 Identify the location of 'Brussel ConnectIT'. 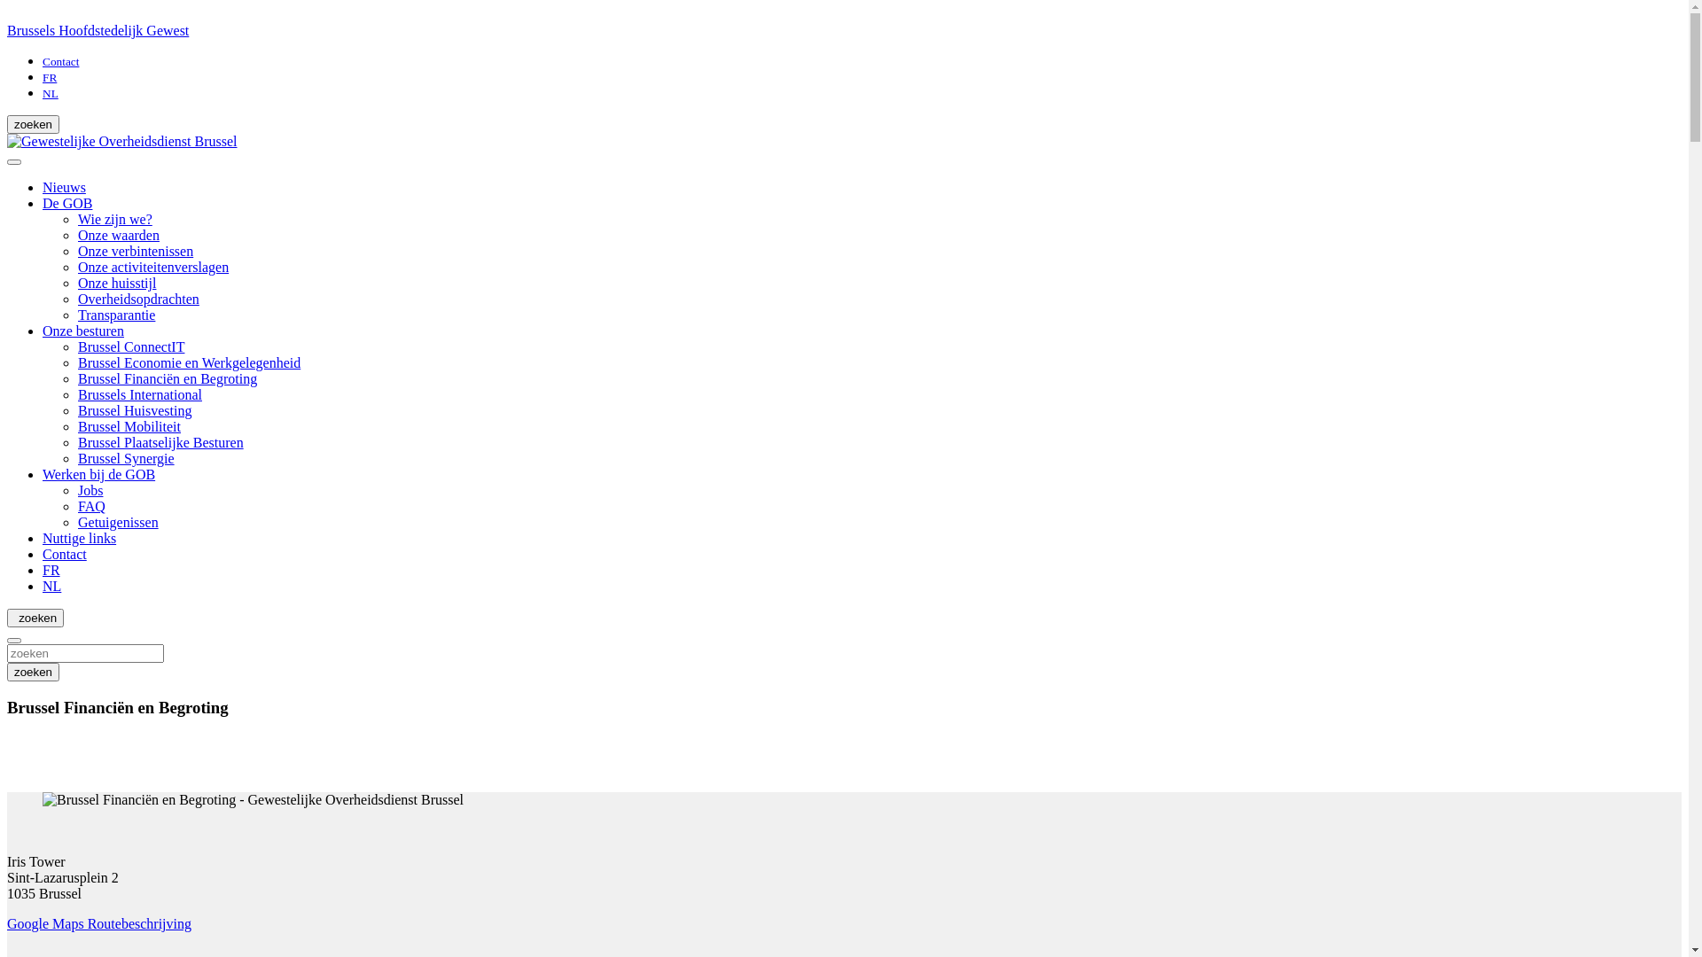
(130, 346).